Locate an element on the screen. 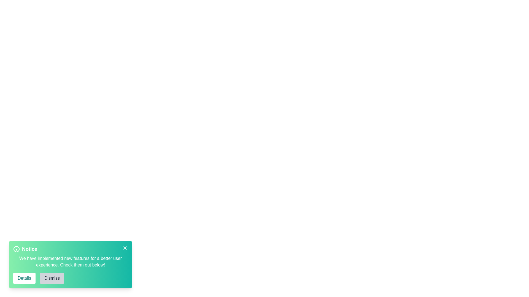 The image size is (529, 297). the 'Details' button to observe the hover effect is located at coordinates (24, 278).